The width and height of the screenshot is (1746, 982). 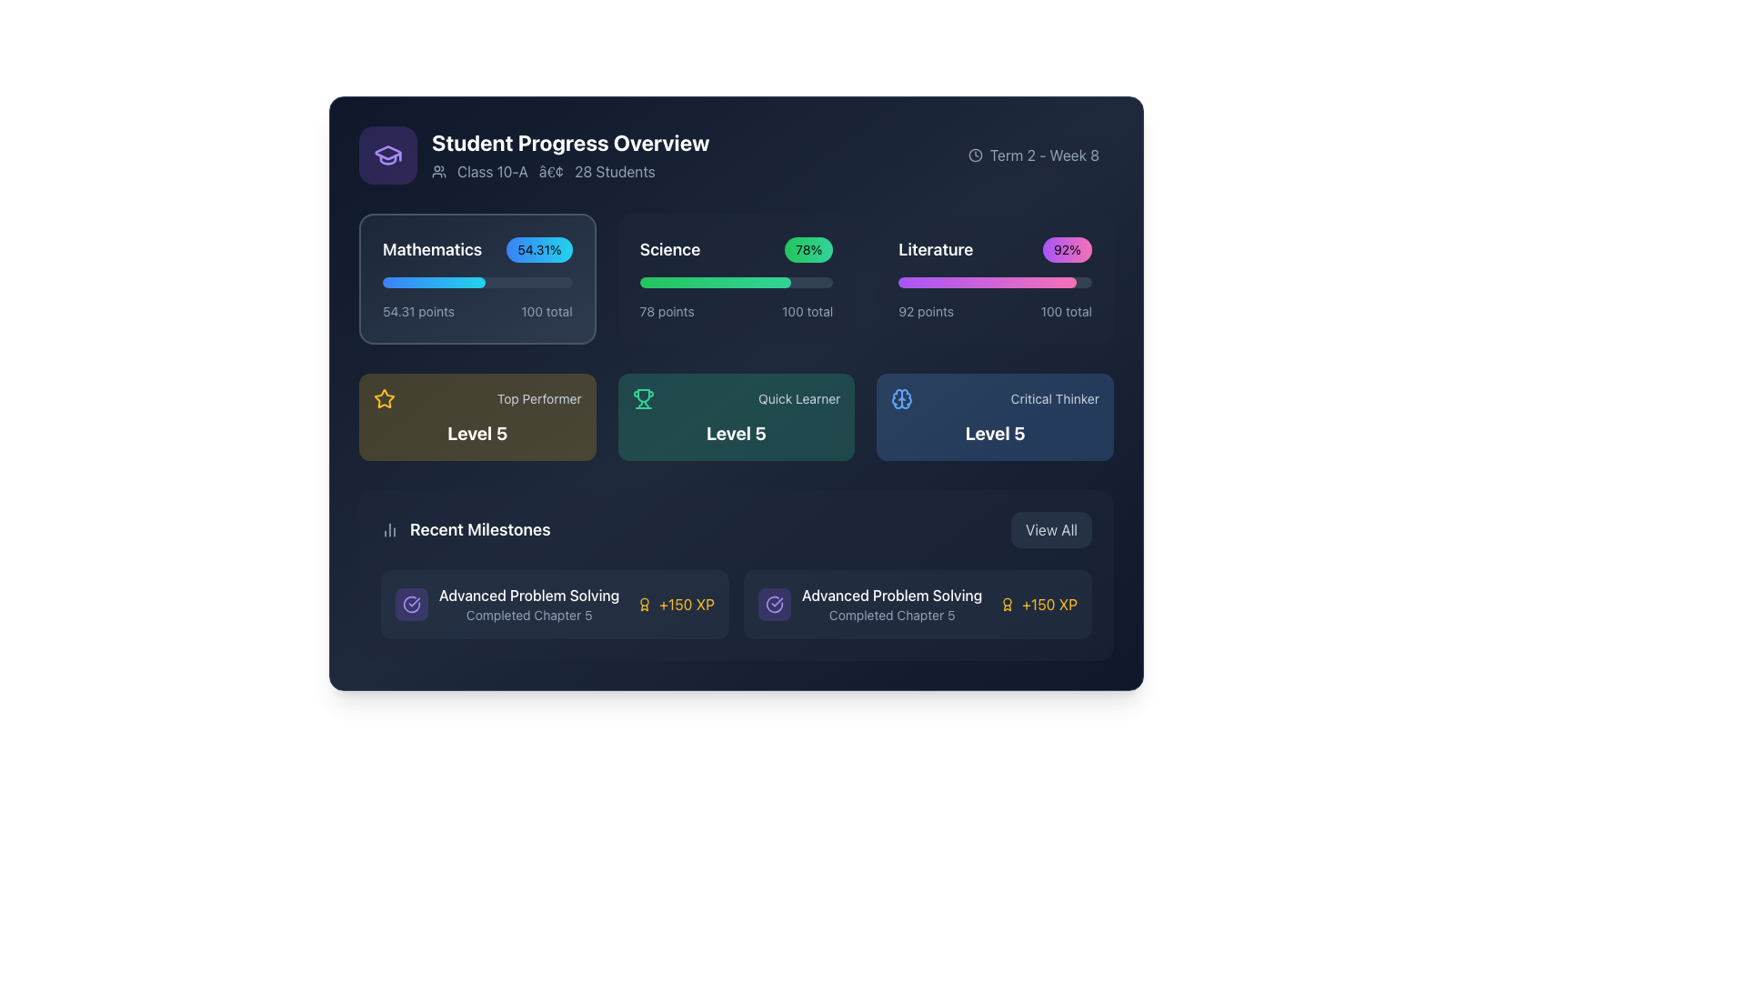 I want to click on the label component that combines text and an icon, located beneath the 'Student Progress Overview' title, to associate the displayed information with the class details in the dashboard, so click(x=569, y=172).